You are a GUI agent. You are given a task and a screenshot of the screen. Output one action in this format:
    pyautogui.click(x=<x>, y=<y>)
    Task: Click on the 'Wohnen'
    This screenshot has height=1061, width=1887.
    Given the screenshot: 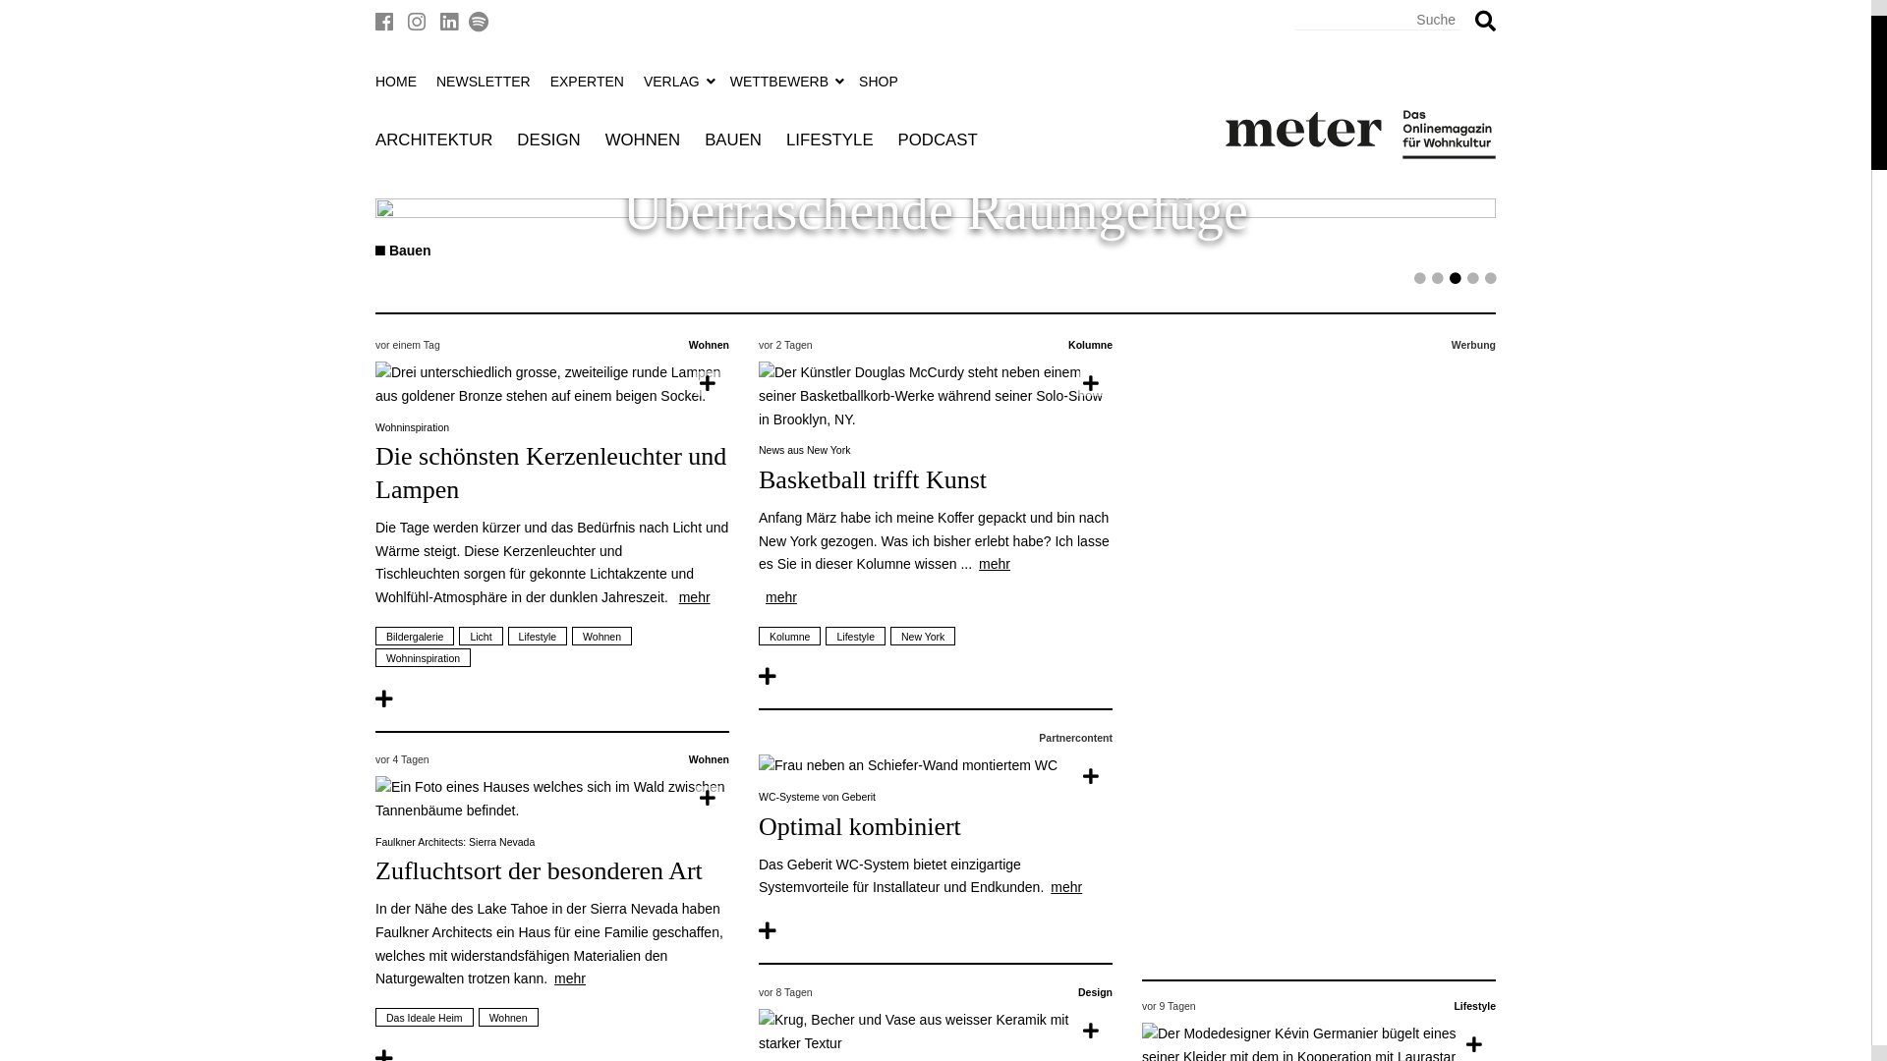 What is the action you would take?
    pyautogui.click(x=708, y=344)
    